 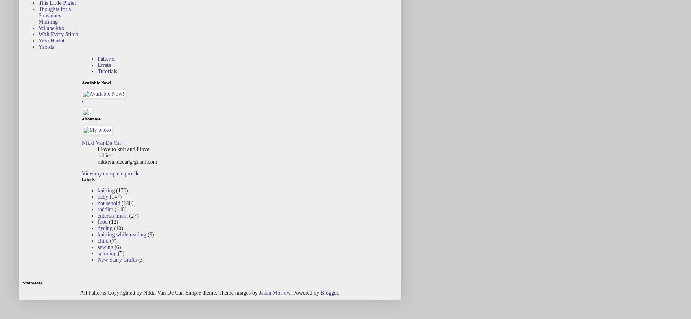 I want to click on '(27)', so click(x=133, y=215).